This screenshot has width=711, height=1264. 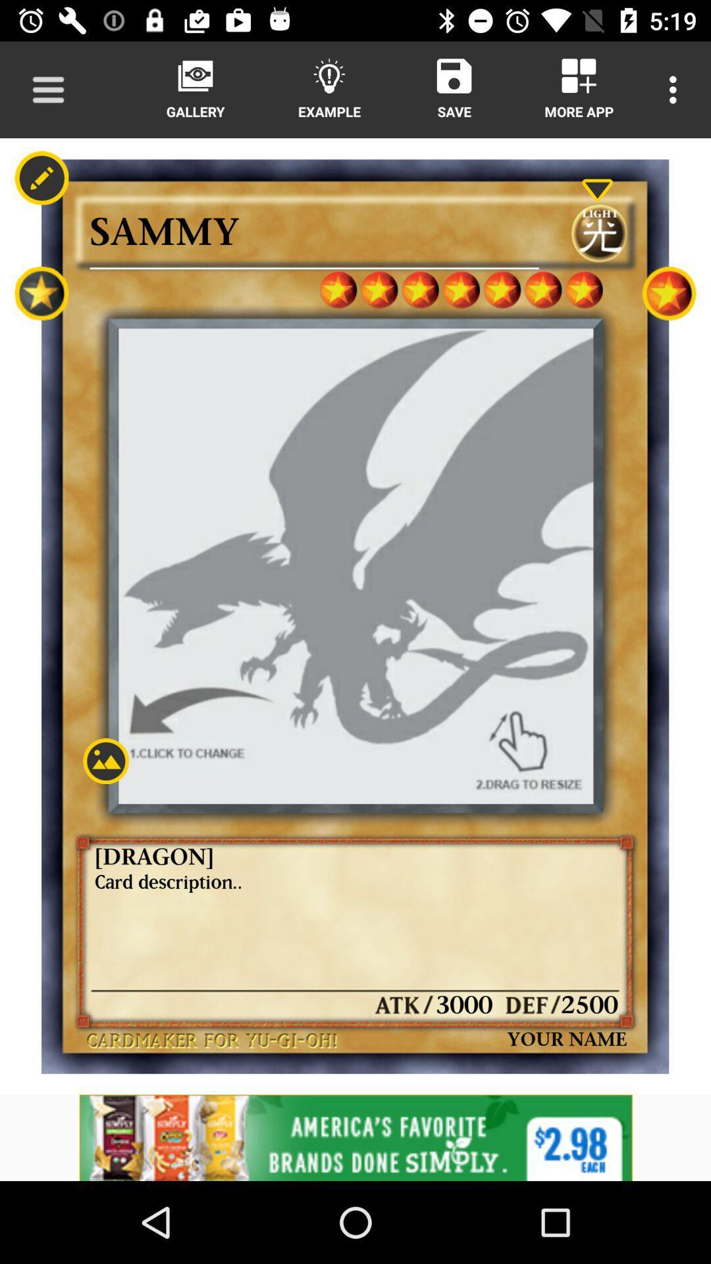 What do you see at coordinates (47, 89) in the screenshot?
I see `navigation menu` at bounding box center [47, 89].